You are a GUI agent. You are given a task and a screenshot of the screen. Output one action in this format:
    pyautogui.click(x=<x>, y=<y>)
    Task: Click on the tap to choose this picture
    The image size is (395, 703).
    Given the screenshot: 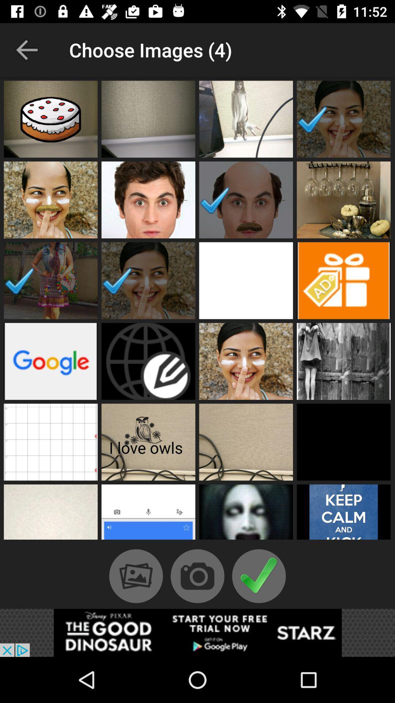 What is the action you would take?
    pyautogui.click(x=148, y=119)
    